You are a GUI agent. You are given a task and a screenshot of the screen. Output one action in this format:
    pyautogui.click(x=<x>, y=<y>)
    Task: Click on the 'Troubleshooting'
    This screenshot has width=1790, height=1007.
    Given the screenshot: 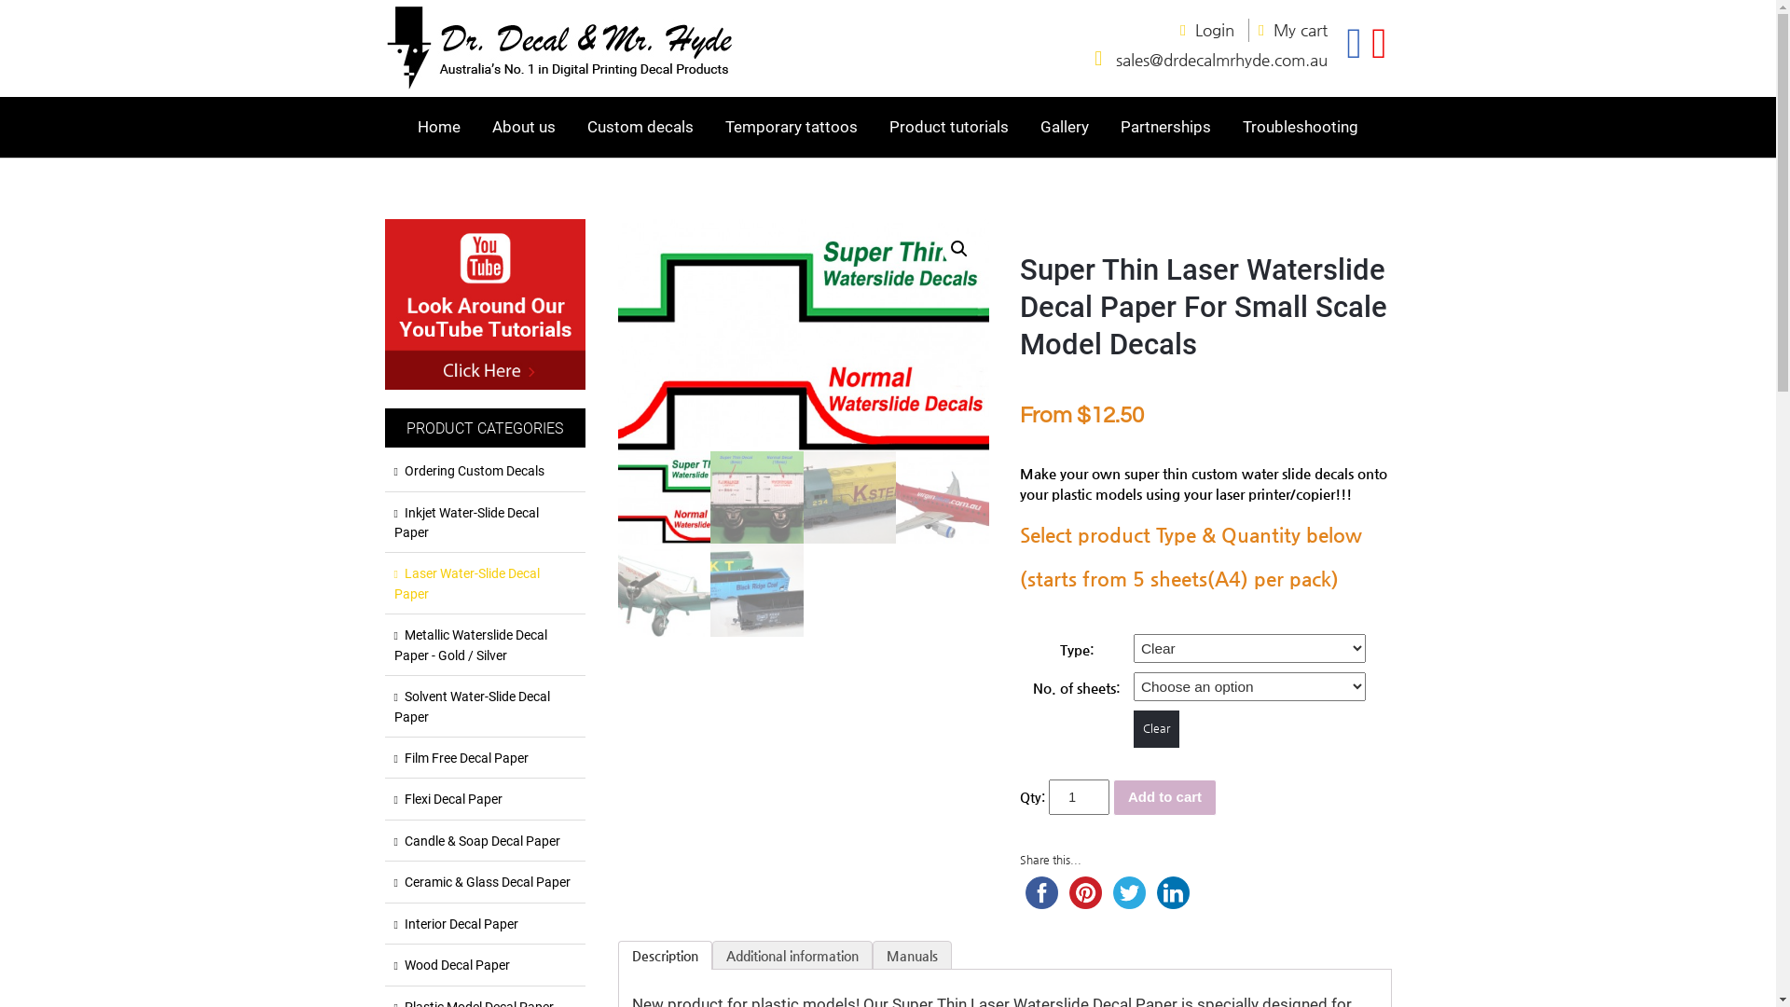 What is the action you would take?
    pyautogui.click(x=1300, y=126)
    